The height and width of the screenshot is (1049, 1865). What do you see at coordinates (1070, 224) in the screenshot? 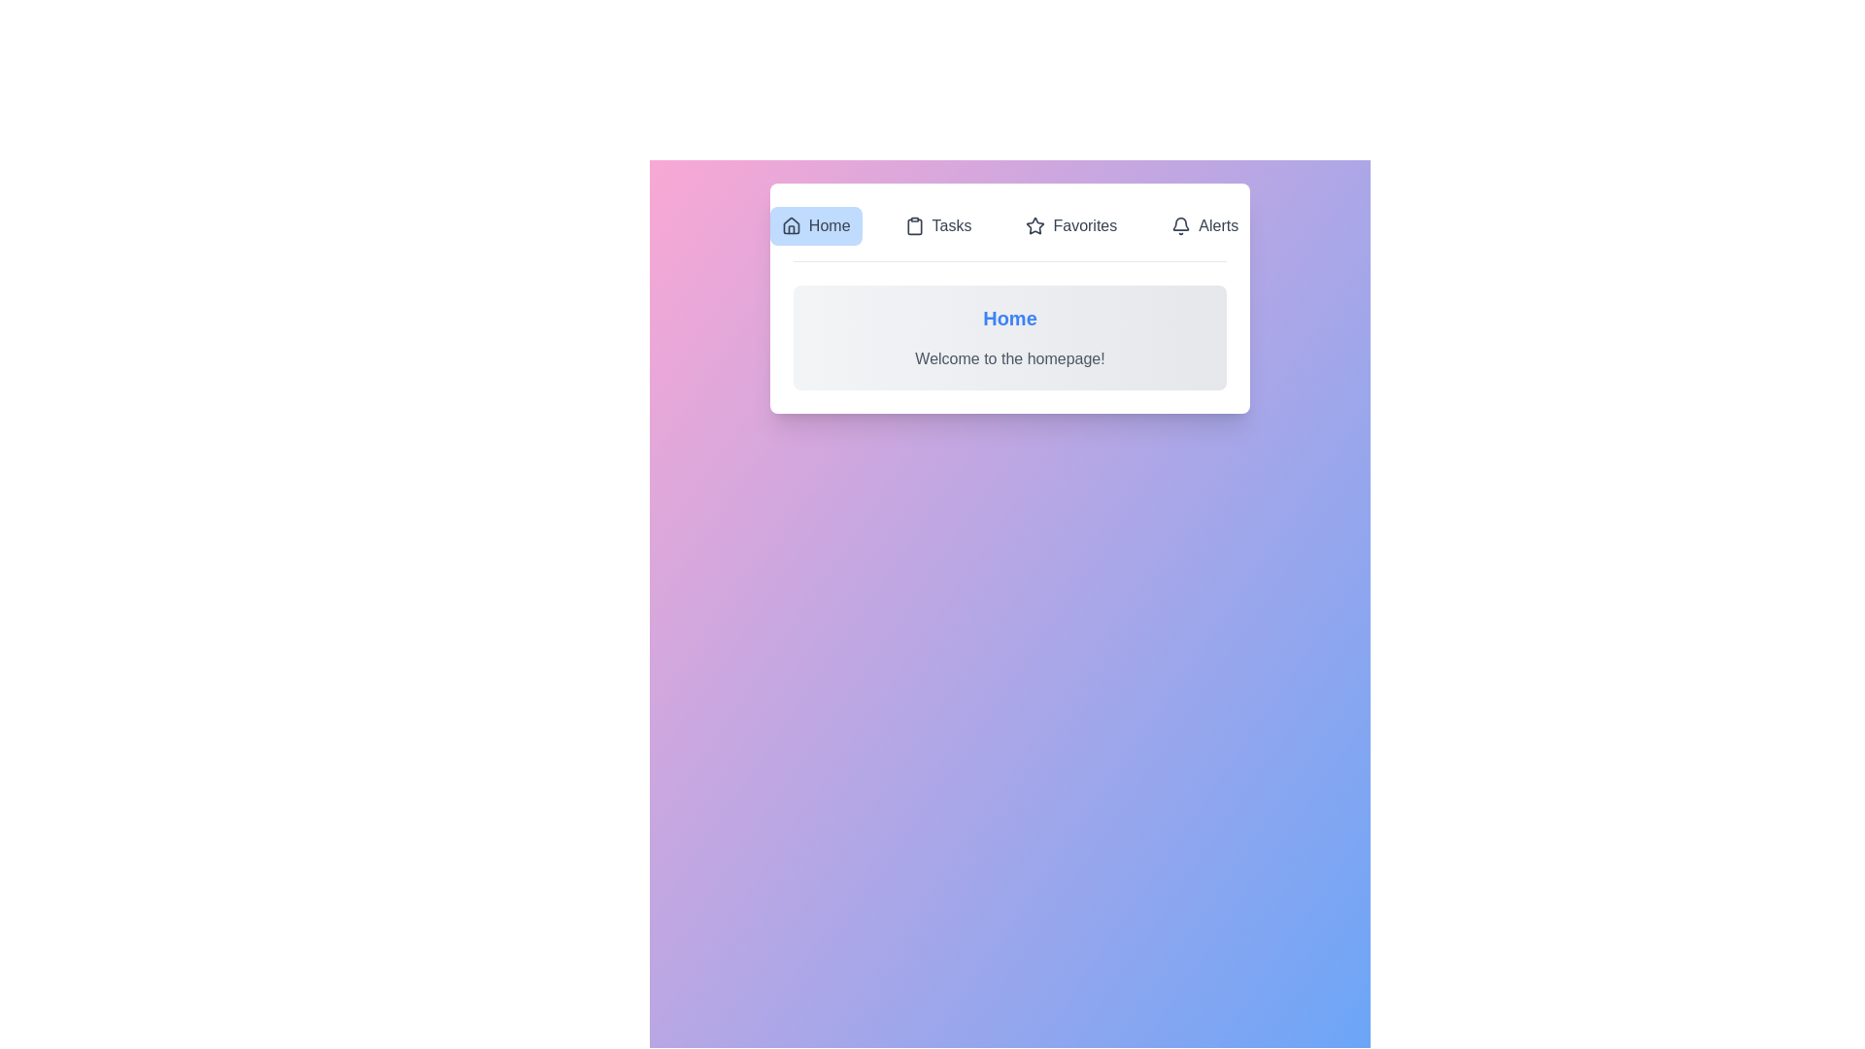
I see `the tab labeled Favorites to view its content` at bounding box center [1070, 224].